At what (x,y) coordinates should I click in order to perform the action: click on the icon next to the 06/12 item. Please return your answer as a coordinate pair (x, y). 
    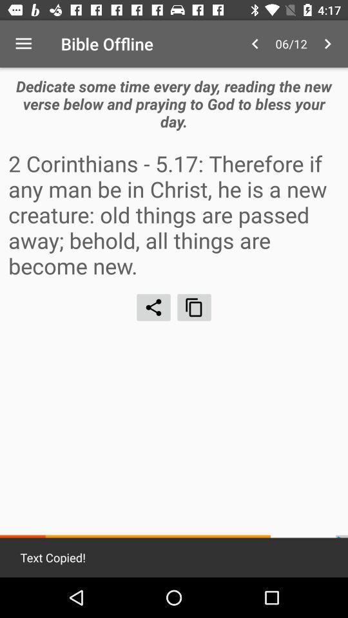
    Looking at the image, I should click on (327, 44).